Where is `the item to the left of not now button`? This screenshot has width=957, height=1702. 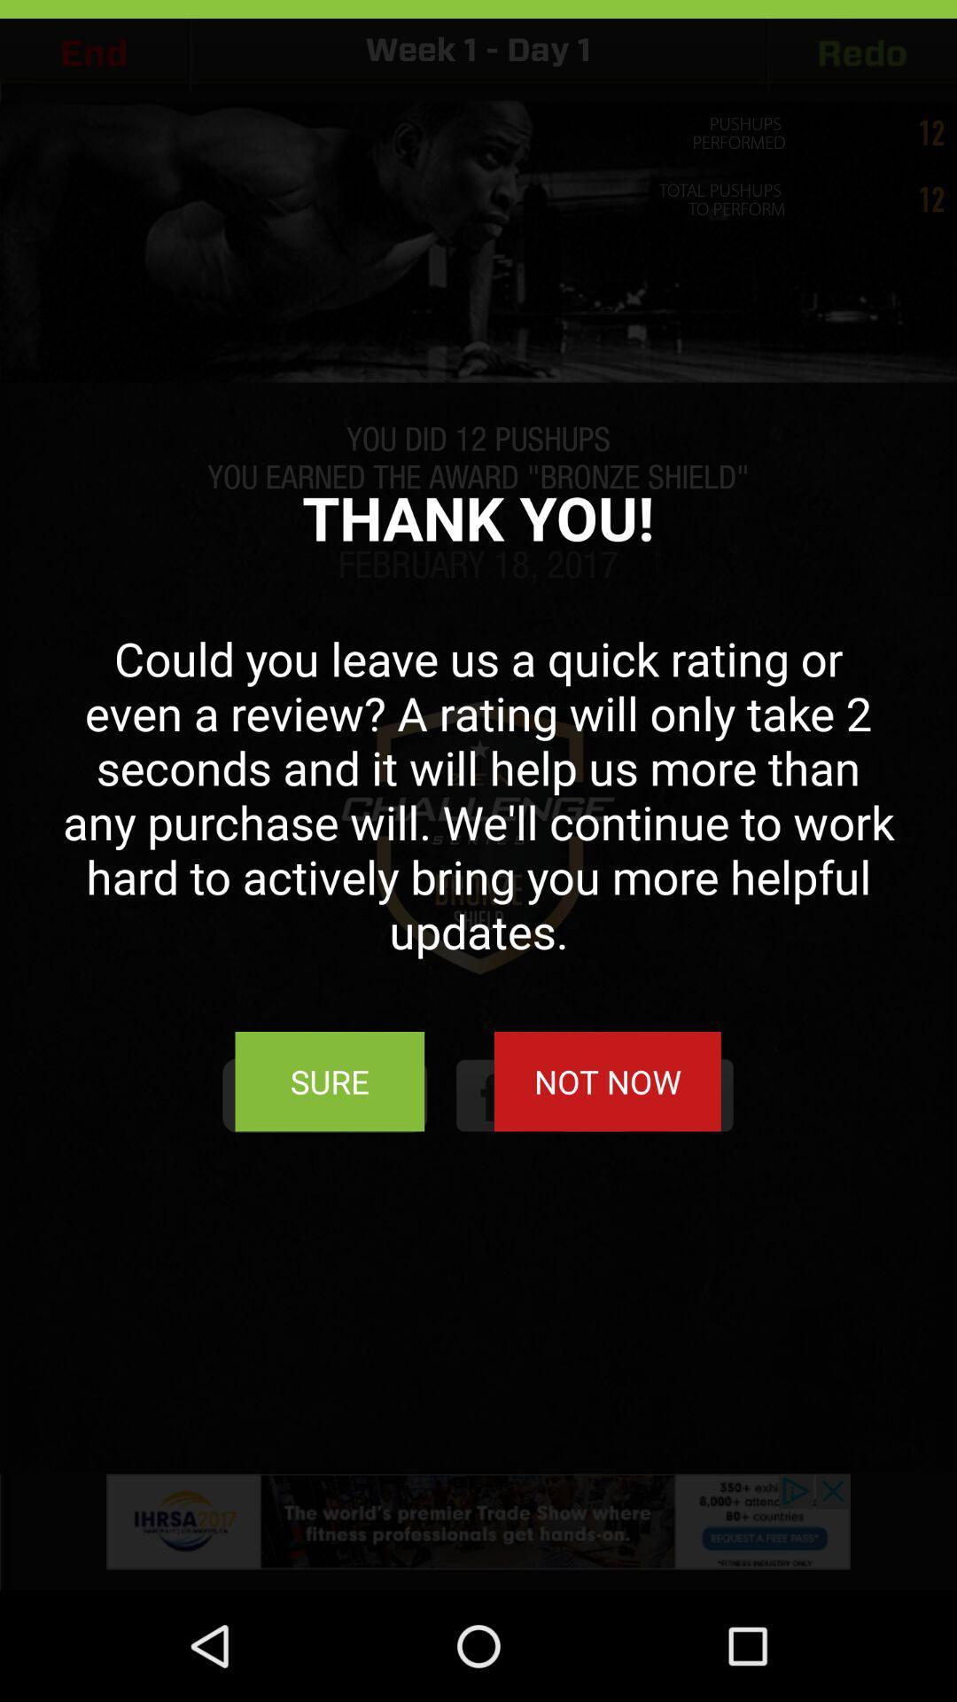
the item to the left of not now button is located at coordinates (330, 1081).